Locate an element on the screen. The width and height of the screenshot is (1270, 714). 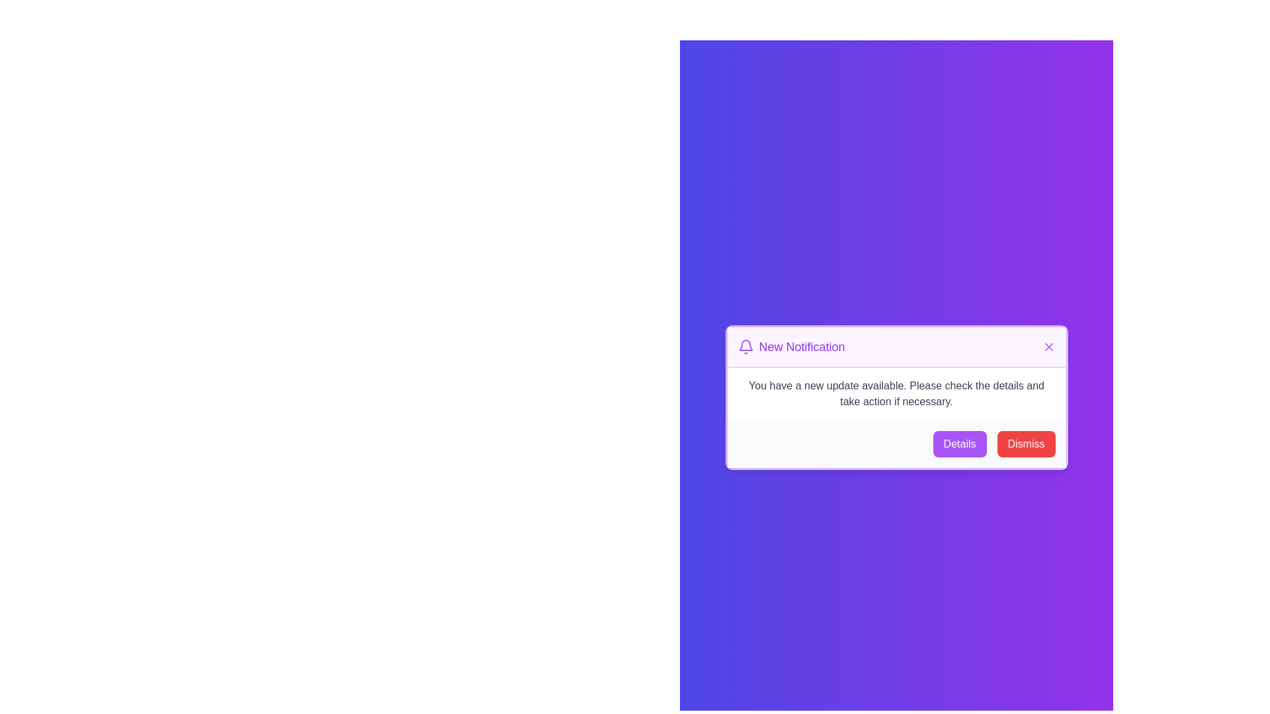
the purple bell icon located in the top-left area of the notification box, which is positioned to the left of the 'New Notification' text is located at coordinates (745, 344).